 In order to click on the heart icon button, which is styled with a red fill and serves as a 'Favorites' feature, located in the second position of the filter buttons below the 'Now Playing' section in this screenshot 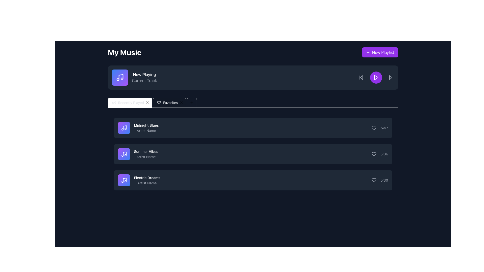, I will do `click(159, 103)`.